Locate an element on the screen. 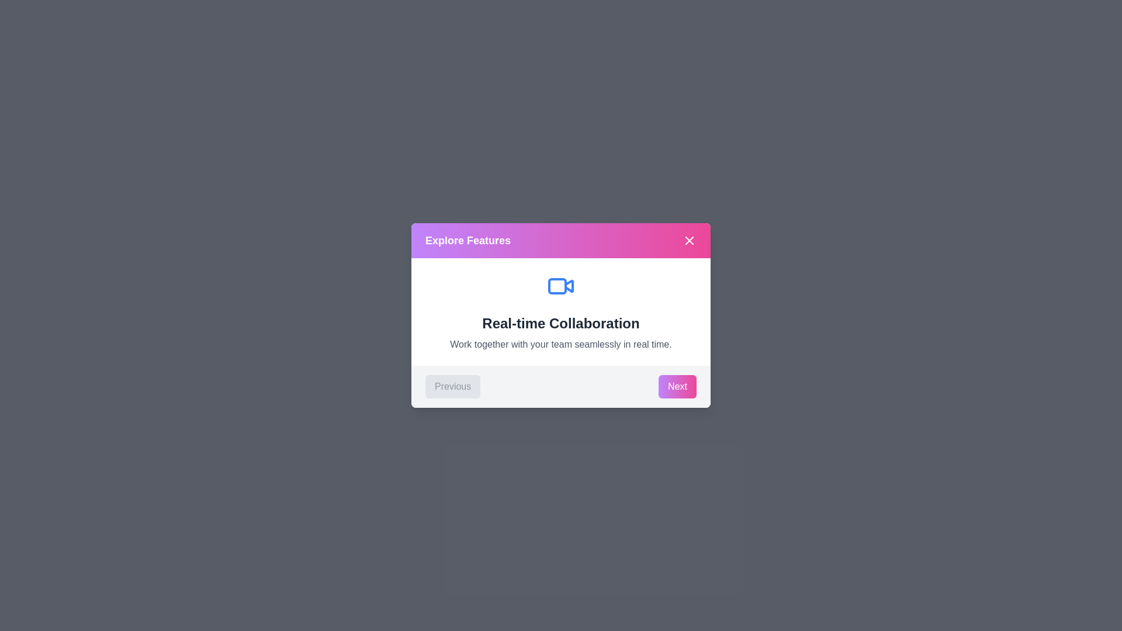  the decorative video camera icon located at the center of the dialog box, which is part of the body of the camera icon above the text 'Real-time Collaboration' is located at coordinates (557, 286).